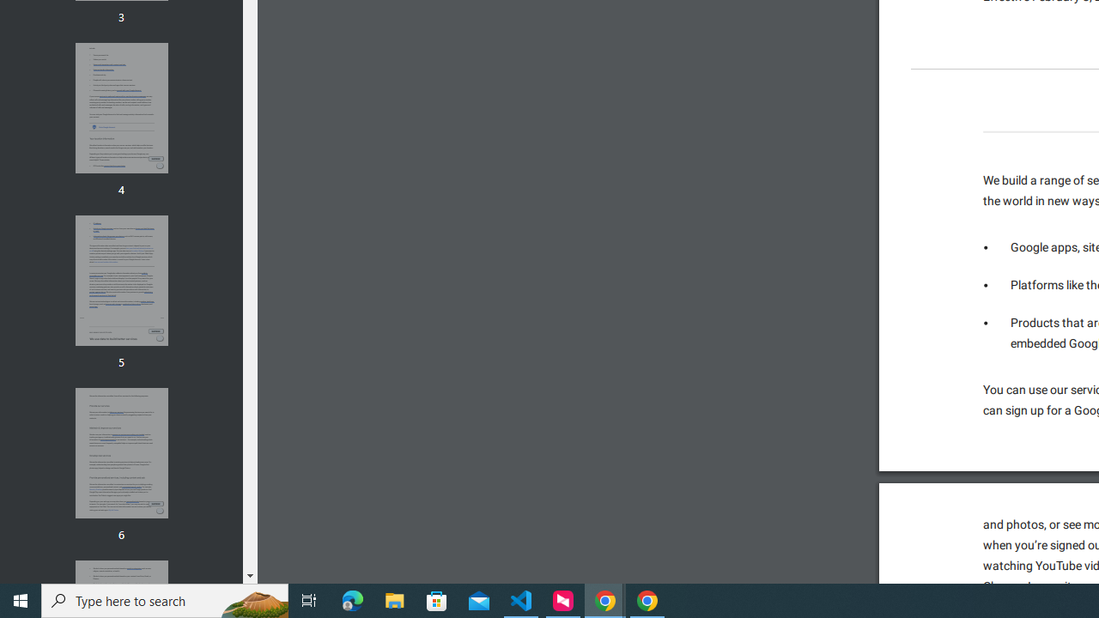  Describe the element at coordinates (120, 280) in the screenshot. I see `'Thumbnail for page 5'` at that location.